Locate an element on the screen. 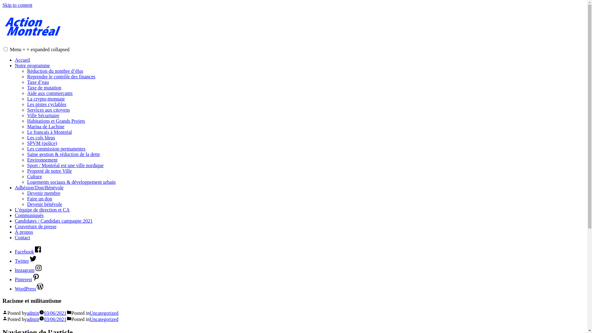 This screenshot has height=333, width=592. '03/06/2021' is located at coordinates (55, 313).